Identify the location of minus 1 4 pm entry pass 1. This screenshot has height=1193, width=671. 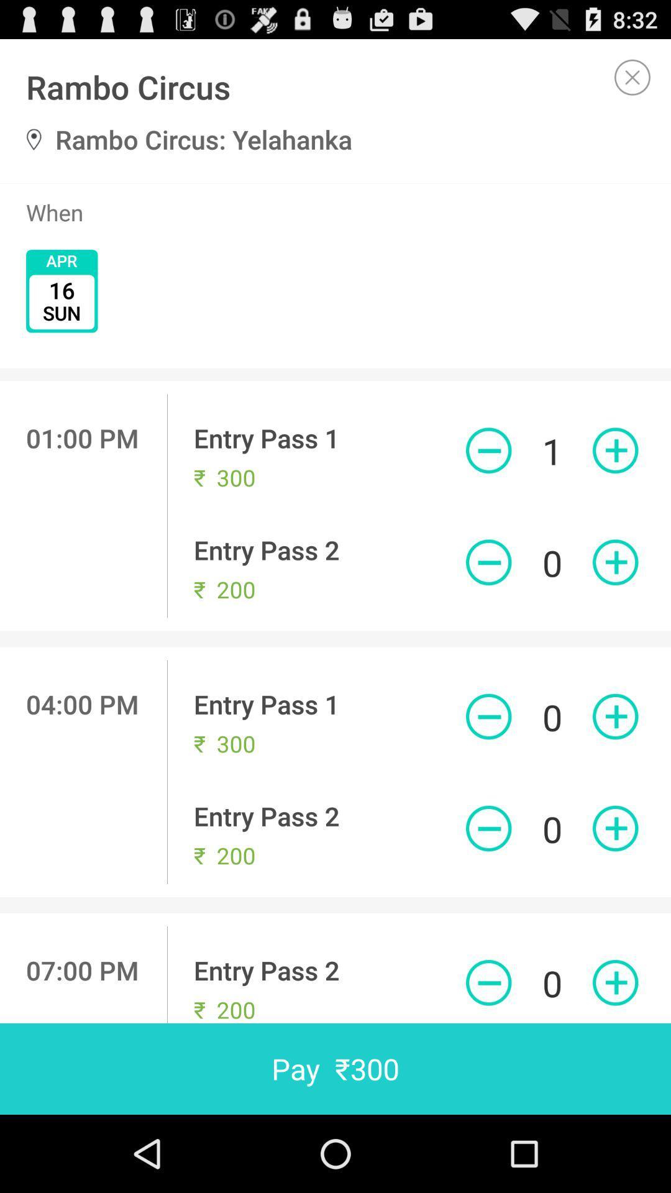
(488, 716).